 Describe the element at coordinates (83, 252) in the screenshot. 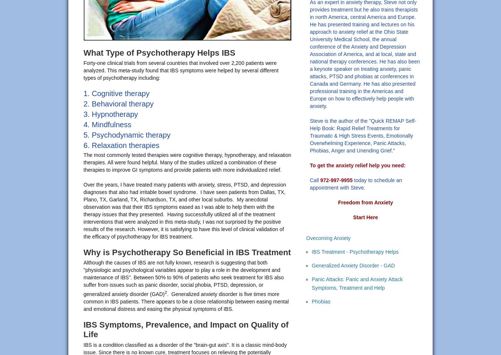

I see `'Why is Psychotherapy So Beneficial in IBS Treatment'` at that location.